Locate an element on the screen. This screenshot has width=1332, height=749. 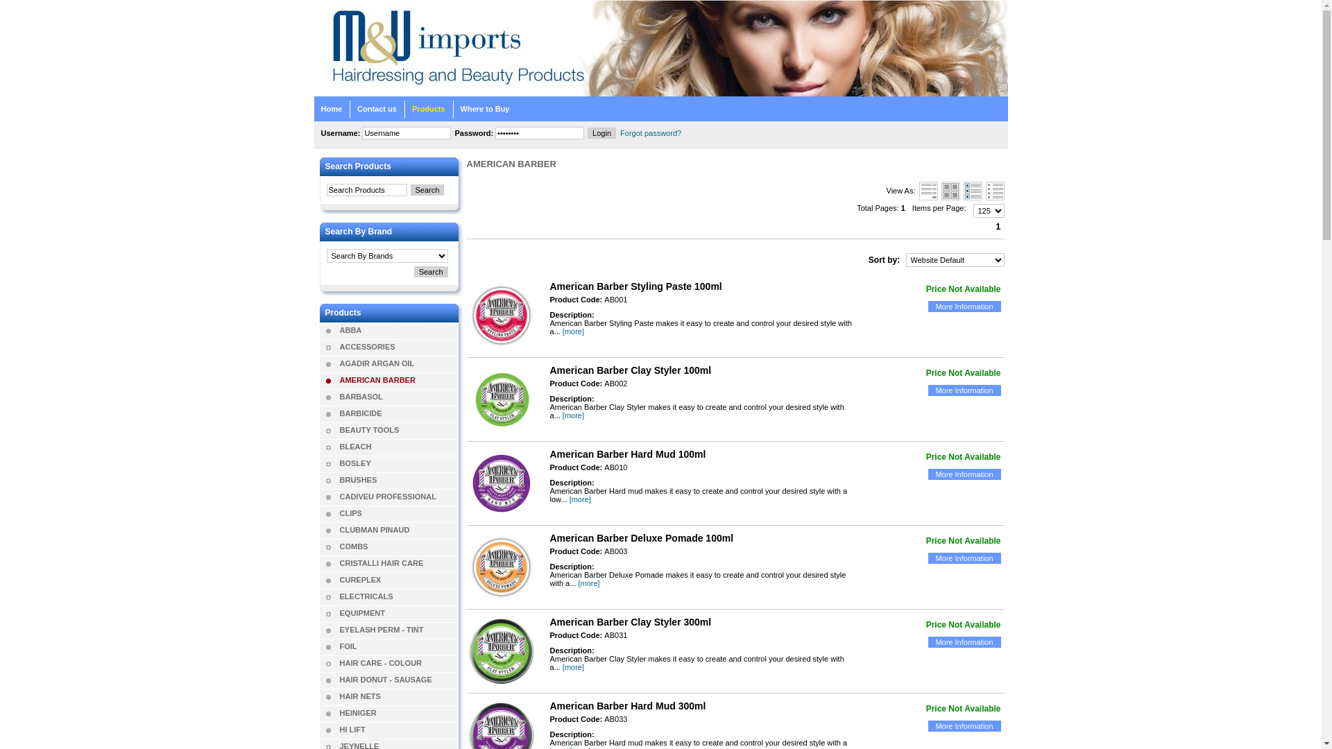
'CADIVEU PROFESSIONAL' is located at coordinates (398, 496).